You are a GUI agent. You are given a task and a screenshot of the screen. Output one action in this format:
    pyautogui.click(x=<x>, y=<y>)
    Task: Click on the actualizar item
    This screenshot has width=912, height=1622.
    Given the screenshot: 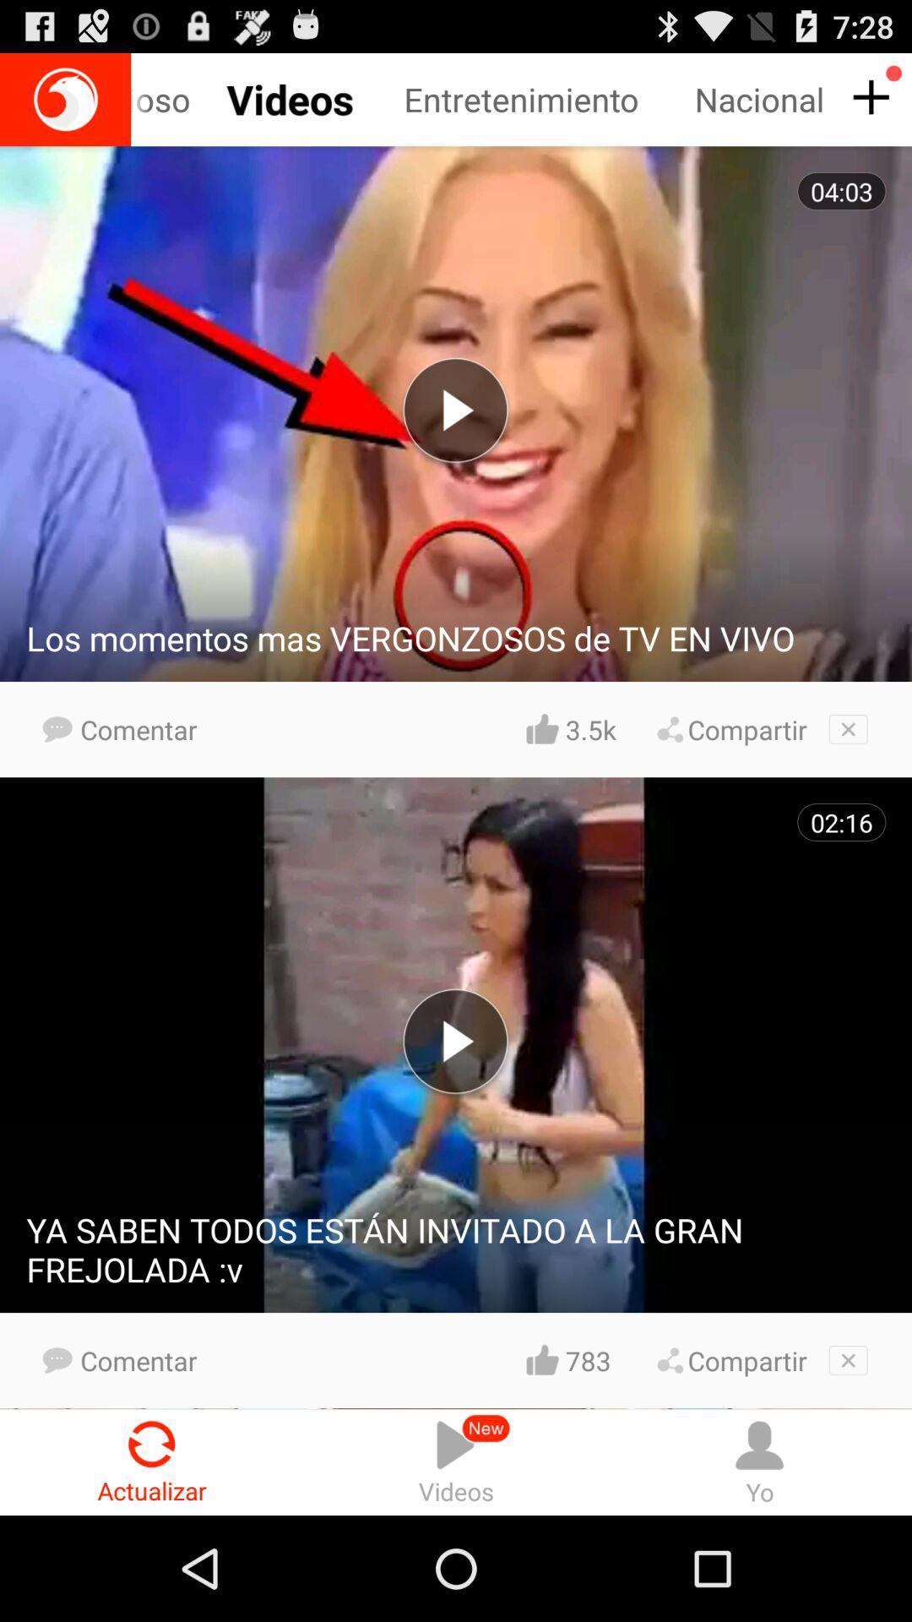 What is the action you would take?
    pyautogui.click(x=152, y=1461)
    